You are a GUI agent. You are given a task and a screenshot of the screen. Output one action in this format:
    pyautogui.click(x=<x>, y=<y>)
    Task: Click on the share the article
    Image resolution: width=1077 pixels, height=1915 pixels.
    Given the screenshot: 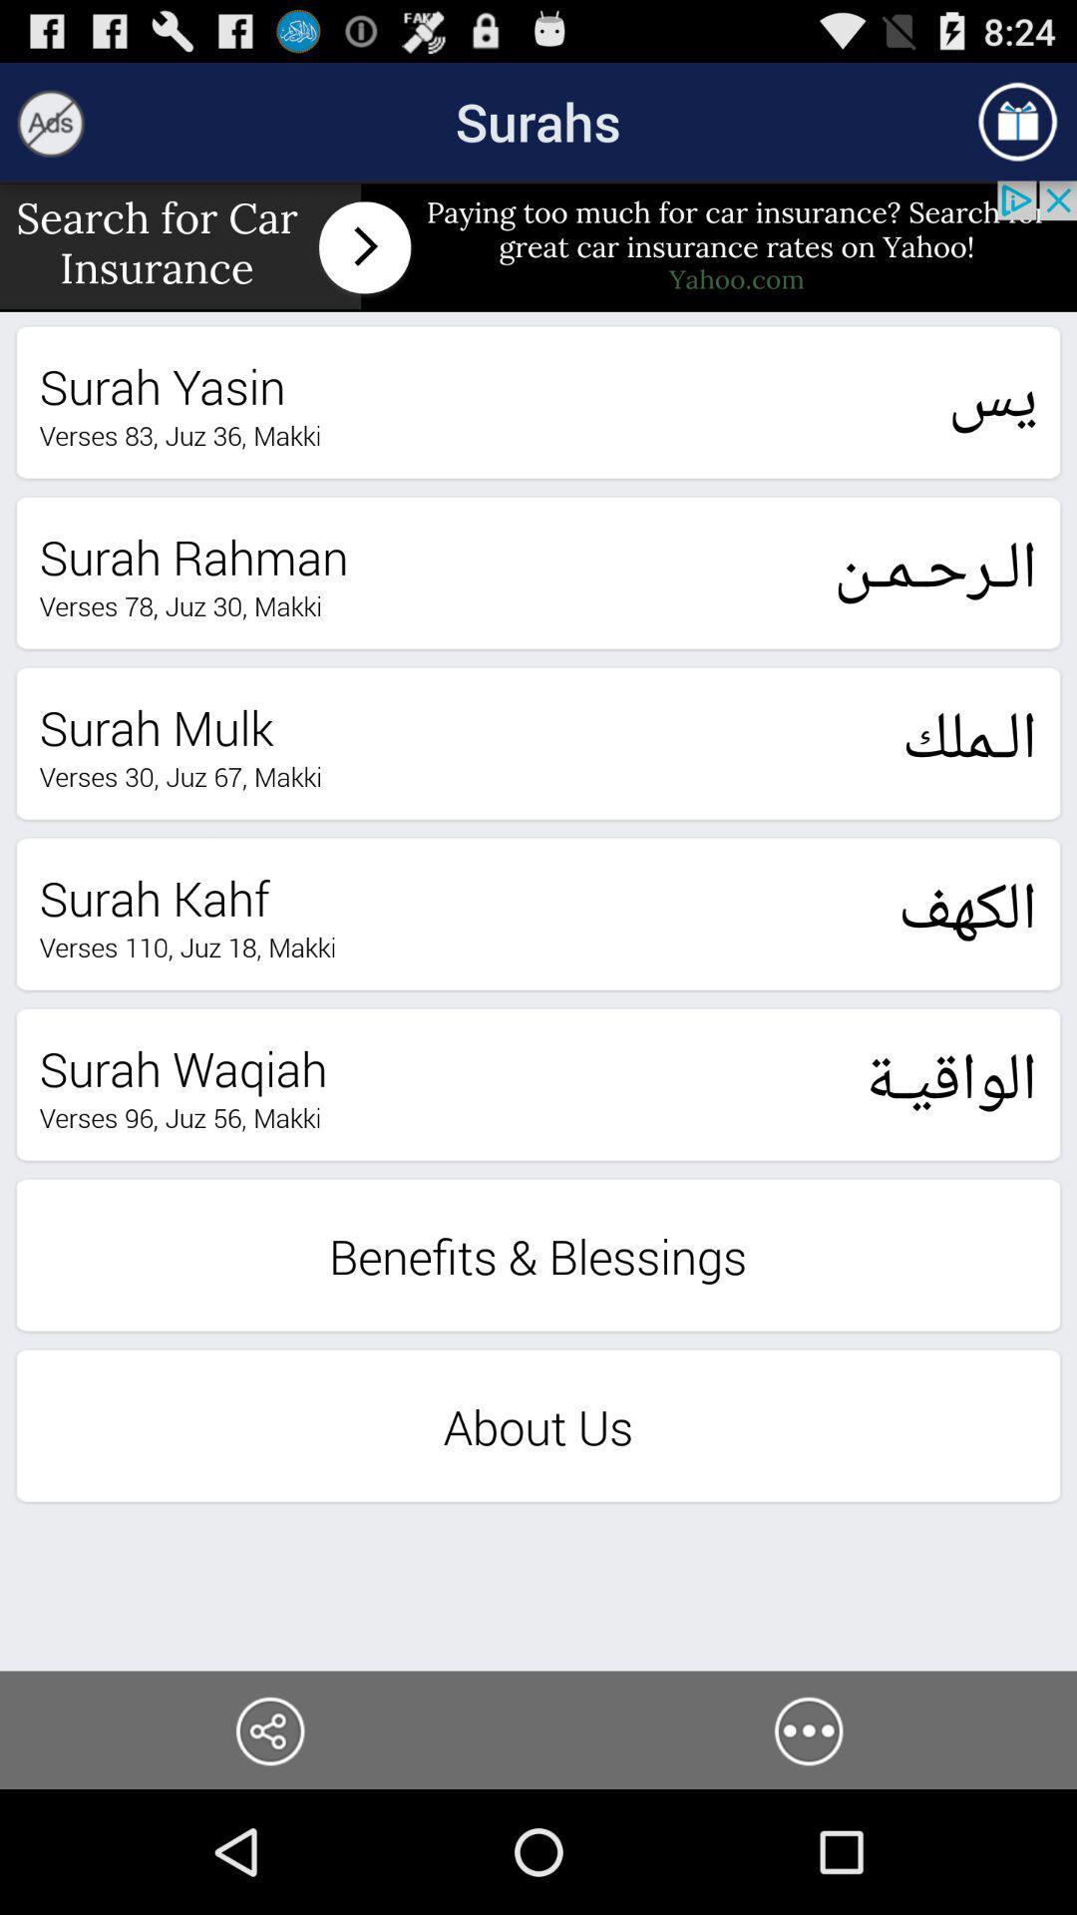 What is the action you would take?
    pyautogui.click(x=269, y=1728)
    